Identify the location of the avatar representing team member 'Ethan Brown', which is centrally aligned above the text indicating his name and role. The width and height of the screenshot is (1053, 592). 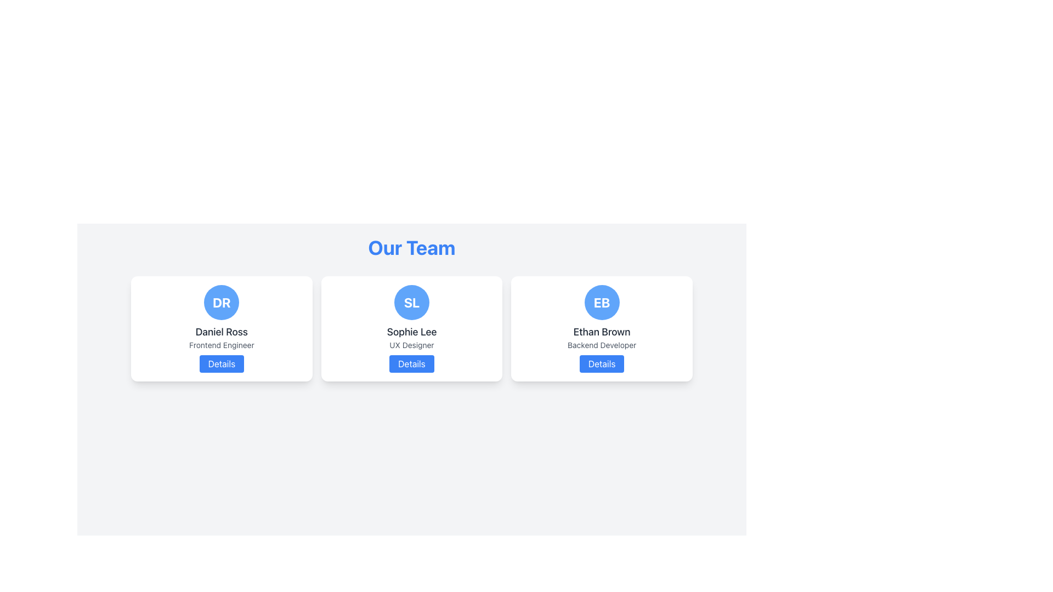
(601, 302).